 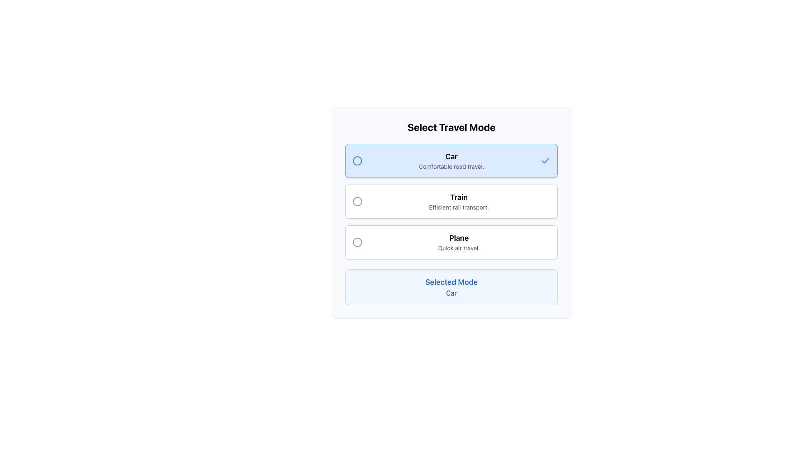 I want to click on the travel mode selection title text label to highlight it, so click(x=451, y=127).